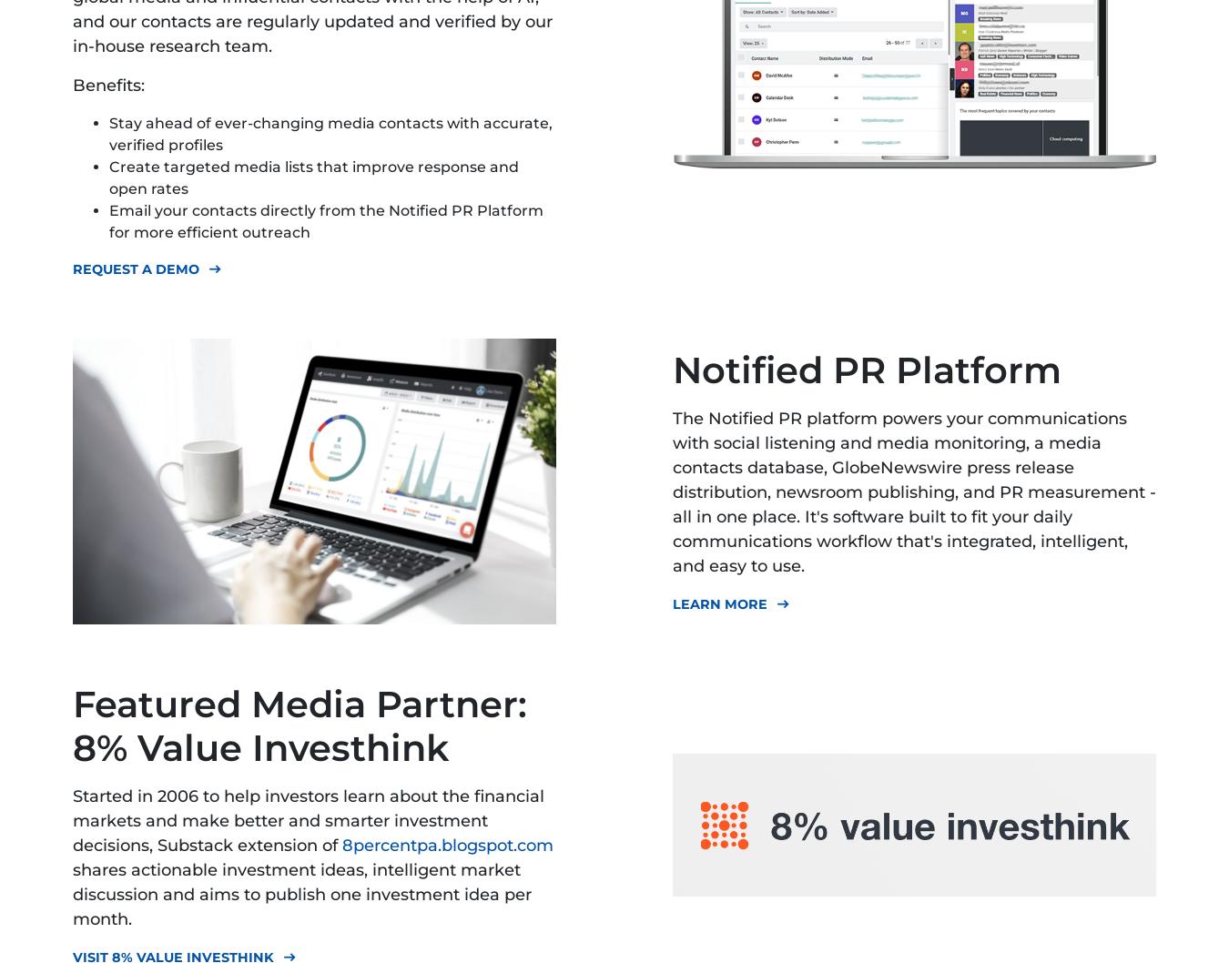 The height and width of the screenshot is (963, 1229). Describe the element at coordinates (109, 221) in the screenshot. I see `'Email your contacts directly from the Notified PR Platform for more efficient outreach'` at that location.